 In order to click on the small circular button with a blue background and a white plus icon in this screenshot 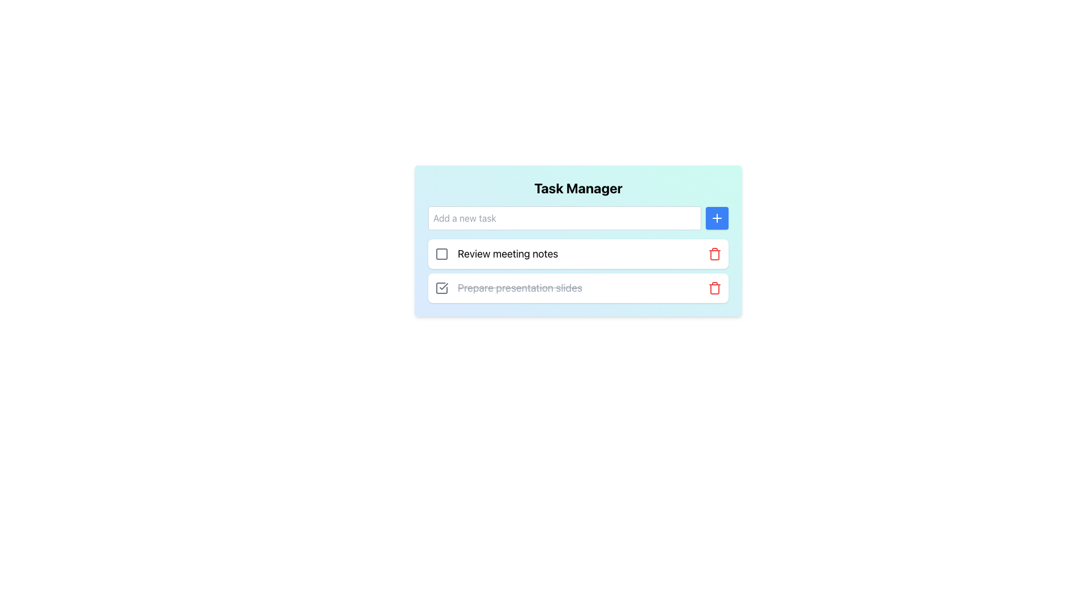, I will do `click(717, 218)`.